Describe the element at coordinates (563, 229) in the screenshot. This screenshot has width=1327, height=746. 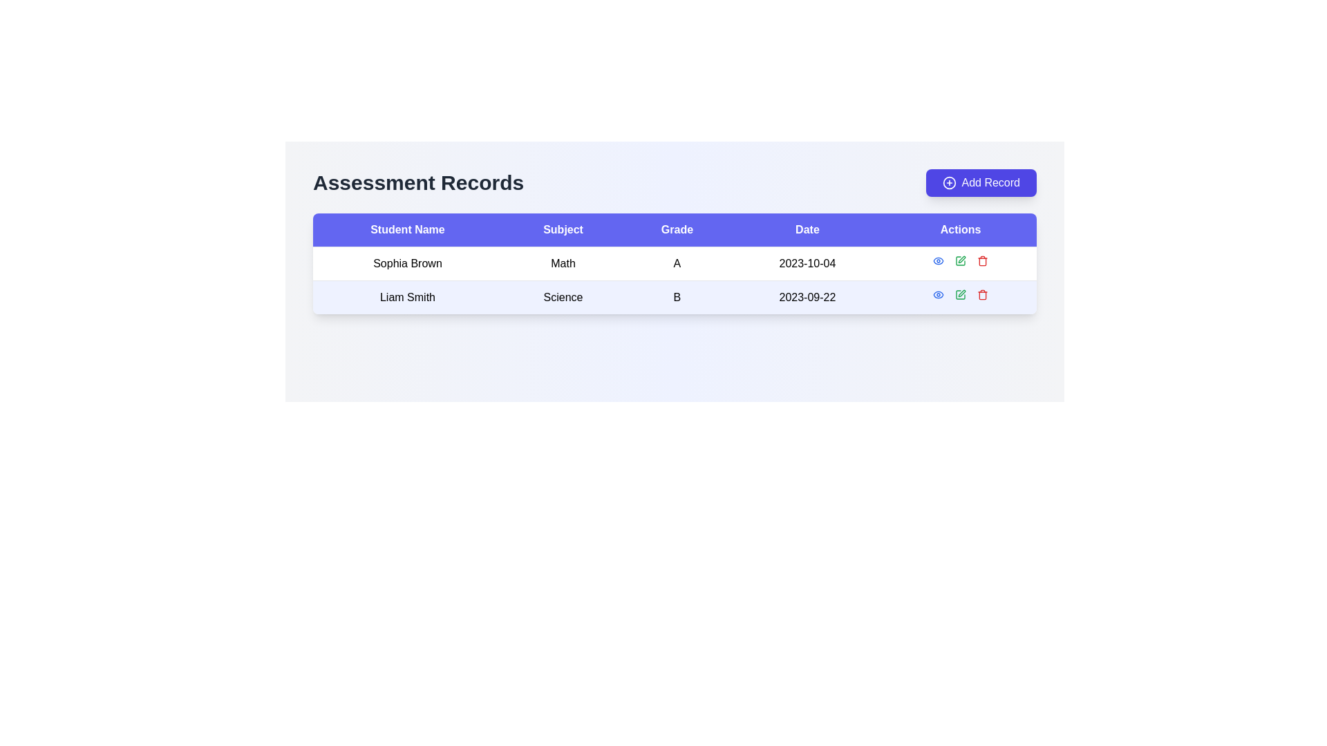
I see `the 'Subject' column header cell in the table, which is the second header positioned between 'Student Name' and 'Grade'` at that location.